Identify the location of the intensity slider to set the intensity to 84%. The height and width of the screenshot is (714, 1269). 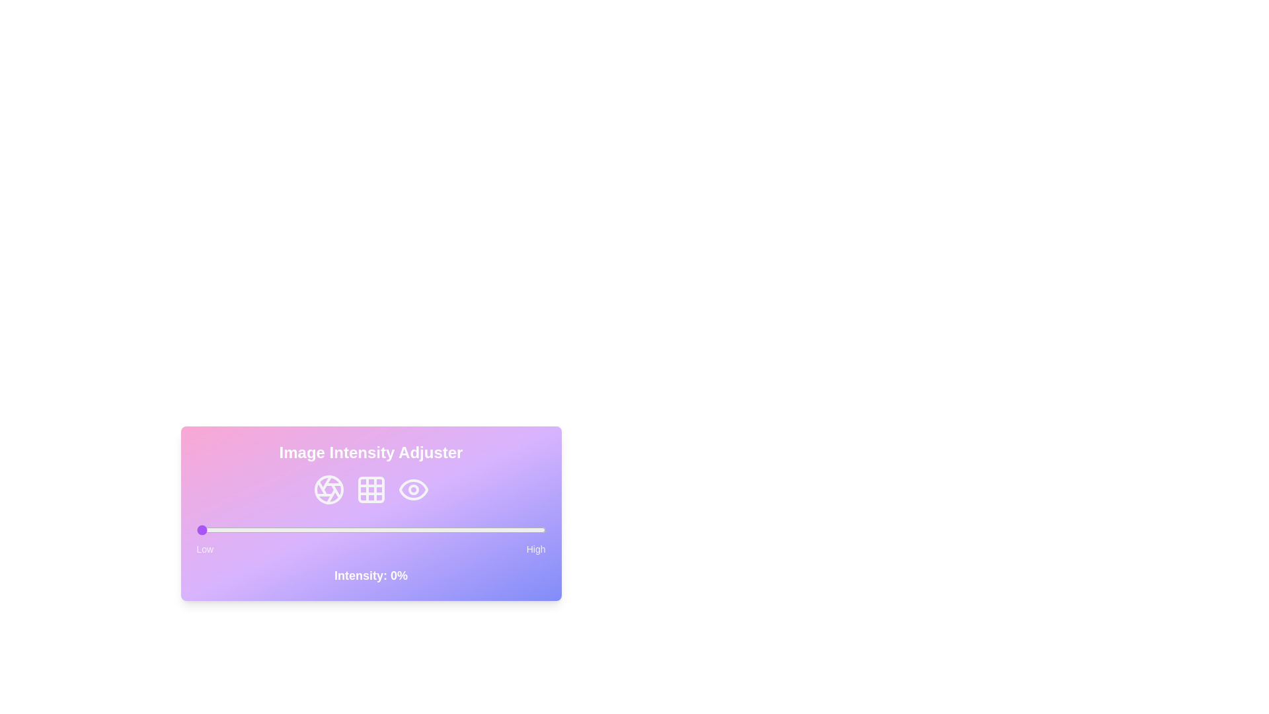
(488, 530).